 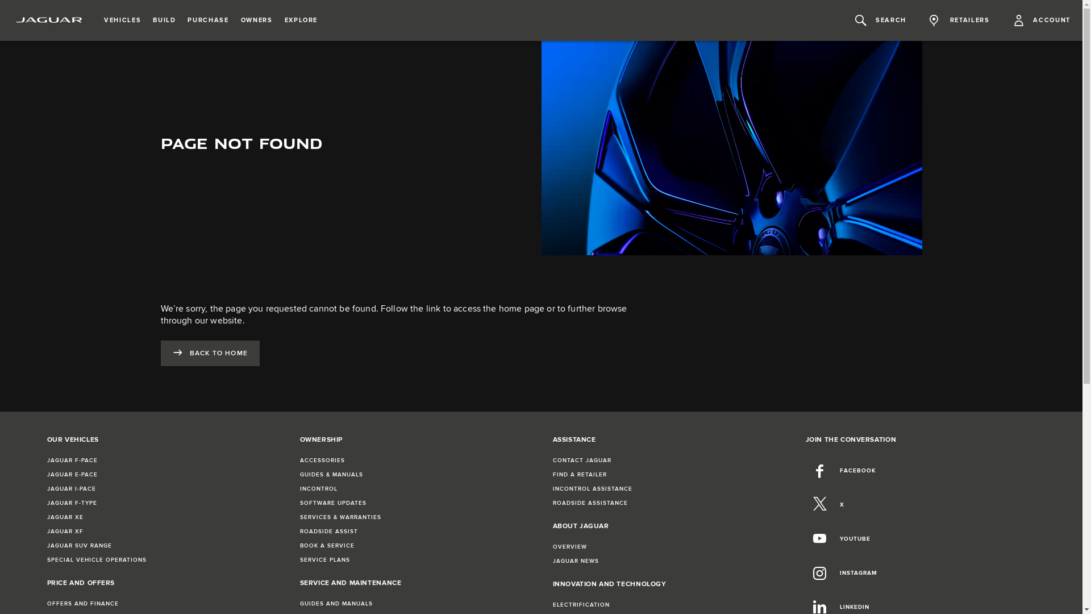 What do you see at coordinates (880, 20) in the screenshot?
I see `'SEARCH'` at bounding box center [880, 20].